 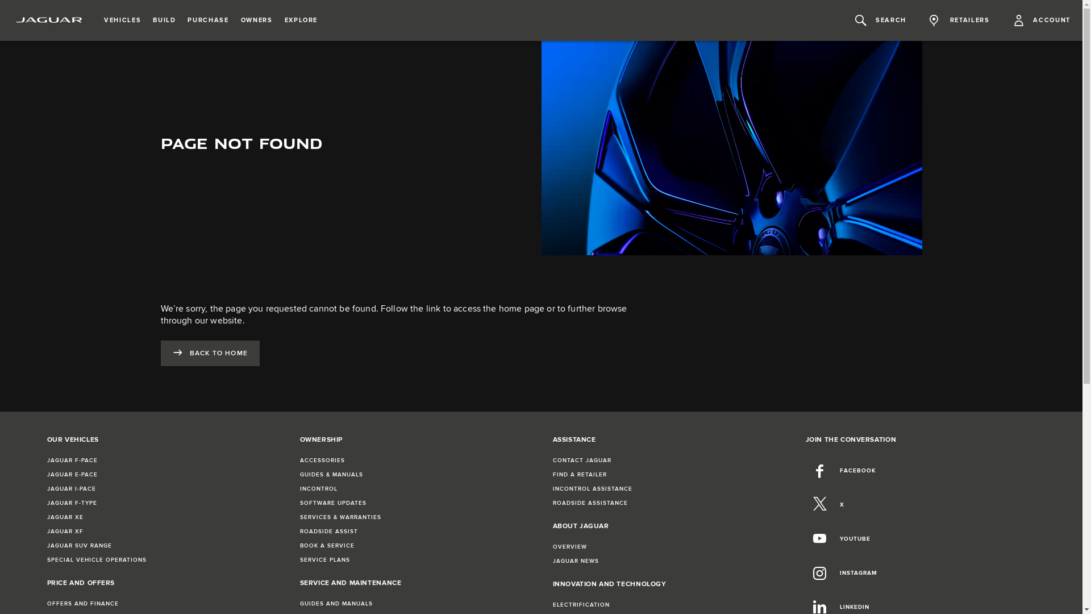 What do you see at coordinates (880, 20) in the screenshot?
I see `'SEARCH'` at bounding box center [880, 20].